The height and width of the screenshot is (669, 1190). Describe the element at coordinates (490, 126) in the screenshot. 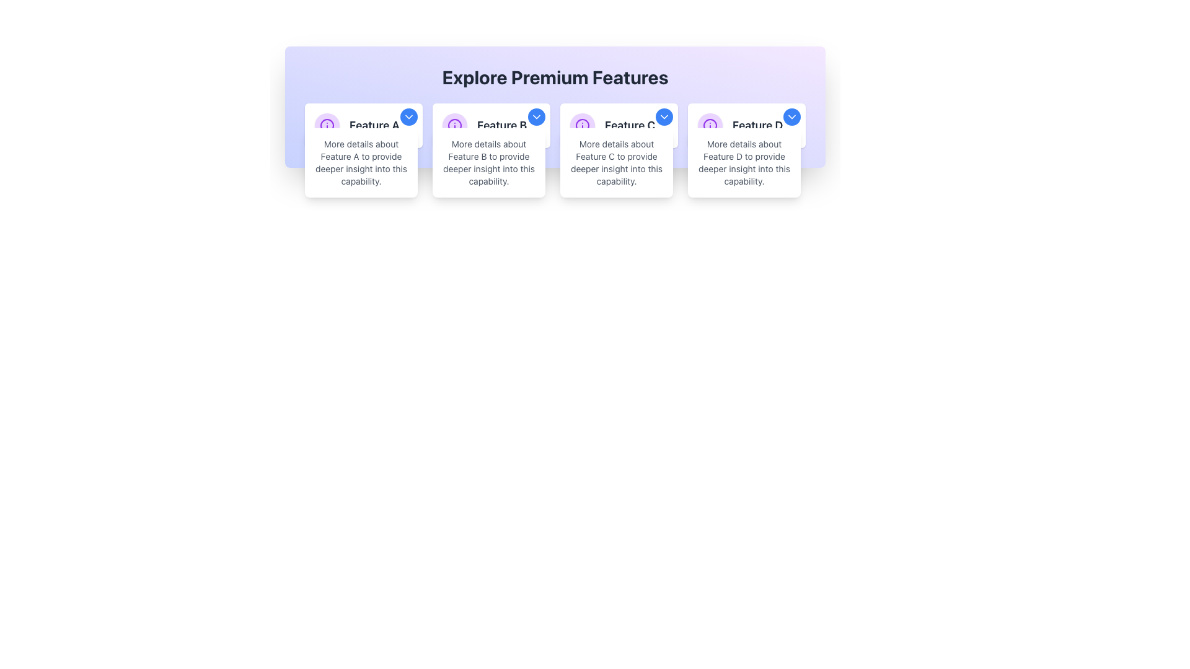

I see `the second card from the left in the grid of four cards beneath the 'Explore Premium Features' header, which provides a summary of a feature with a title and description` at that location.